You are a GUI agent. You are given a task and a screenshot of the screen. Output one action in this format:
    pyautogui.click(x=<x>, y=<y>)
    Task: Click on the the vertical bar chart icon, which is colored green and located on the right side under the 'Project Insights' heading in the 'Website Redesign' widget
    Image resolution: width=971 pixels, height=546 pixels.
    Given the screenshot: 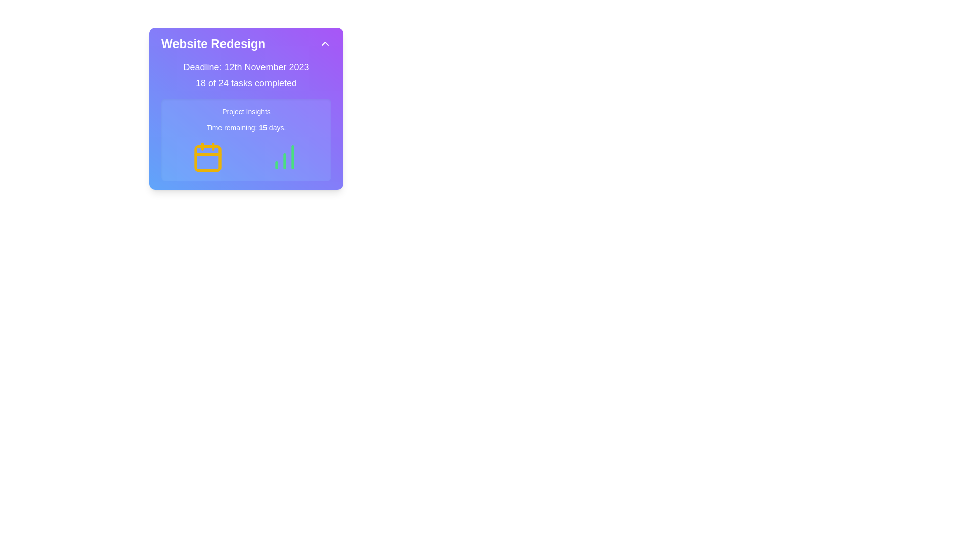 What is the action you would take?
    pyautogui.click(x=284, y=157)
    